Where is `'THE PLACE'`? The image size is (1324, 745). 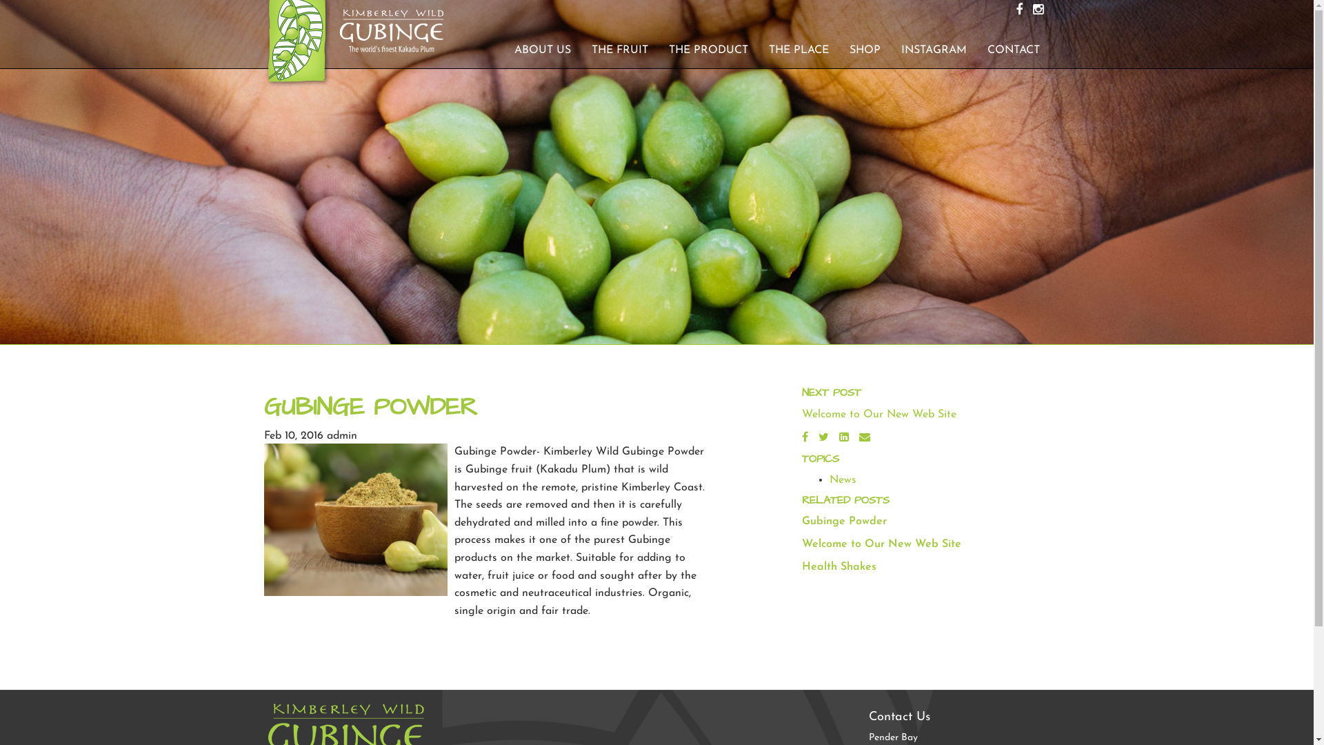 'THE PLACE' is located at coordinates (799, 50).